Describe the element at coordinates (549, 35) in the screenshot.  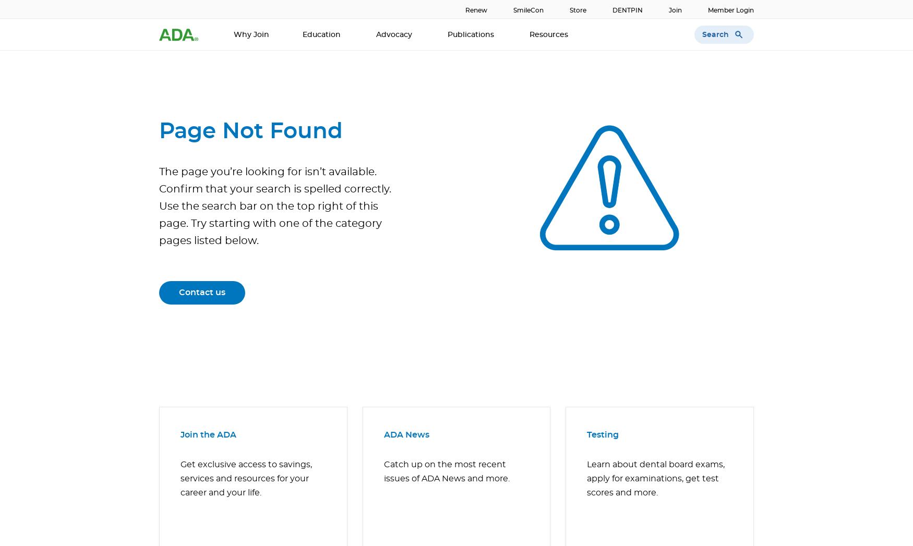
I see `'Resources'` at that location.